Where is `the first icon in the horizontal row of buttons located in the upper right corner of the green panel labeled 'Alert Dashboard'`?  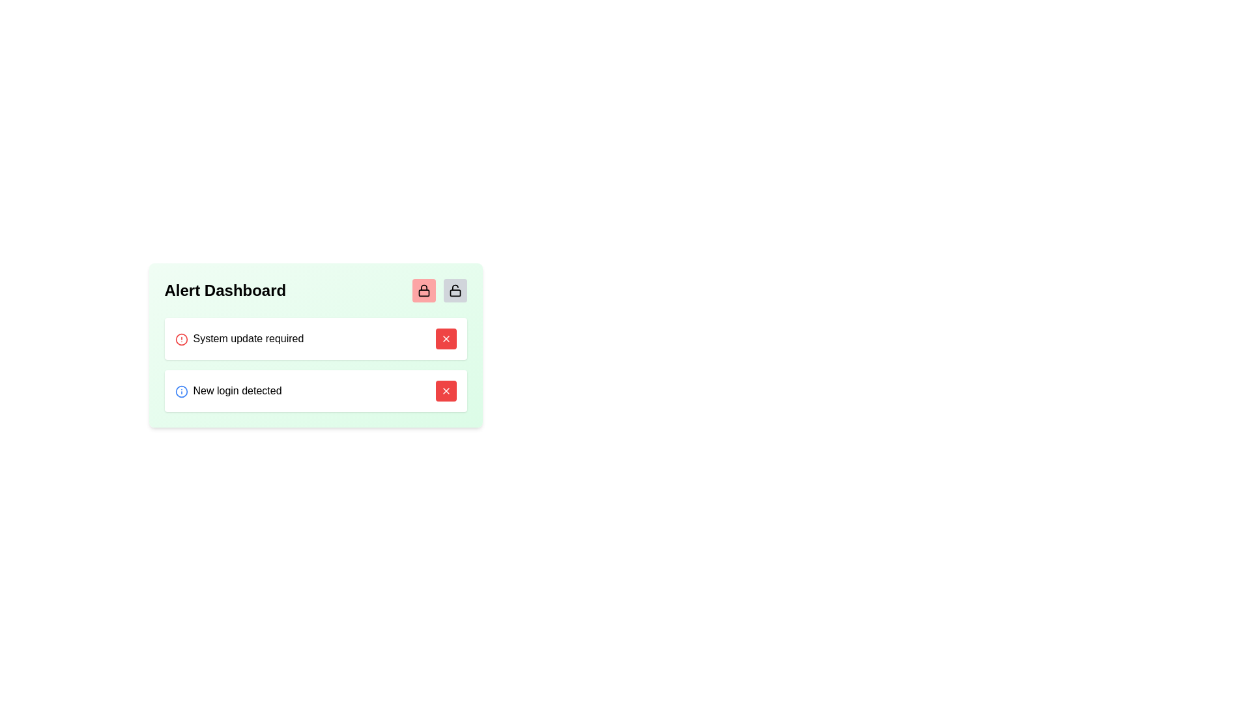 the first icon in the horizontal row of buttons located in the upper right corner of the green panel labeled 'Alert Dashboard' is located at coordinates (455, 290).